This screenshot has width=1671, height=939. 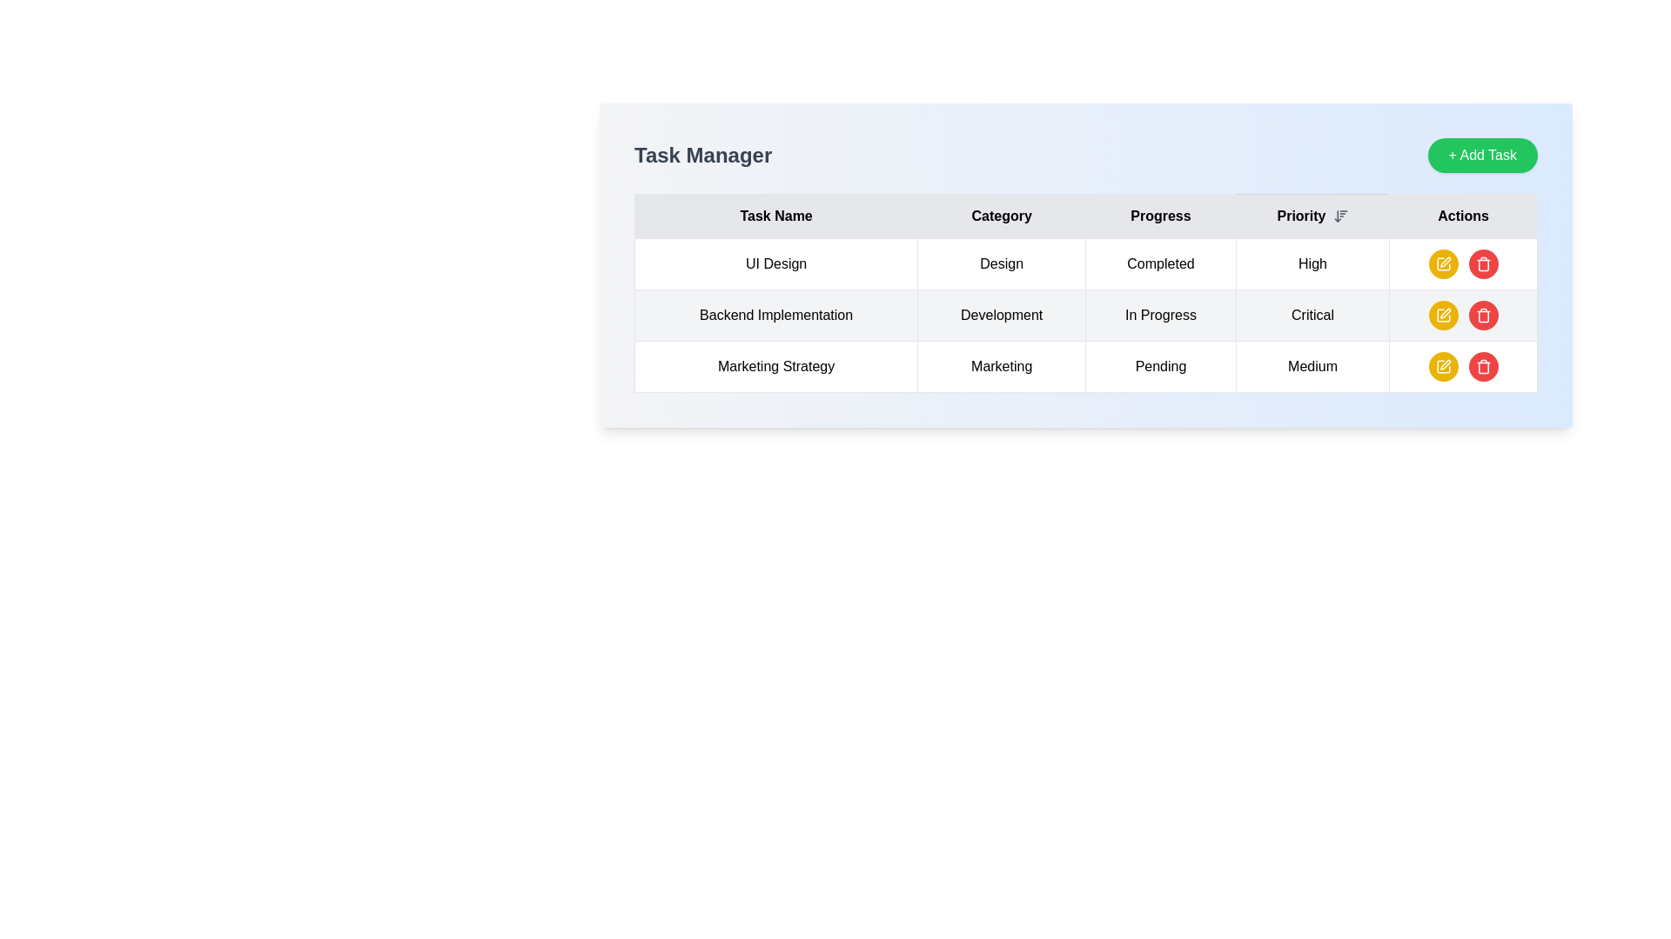 I want to click on the first Table Header Cell that describes the purpose of the first column listing task names, so click(x=775, y=216).